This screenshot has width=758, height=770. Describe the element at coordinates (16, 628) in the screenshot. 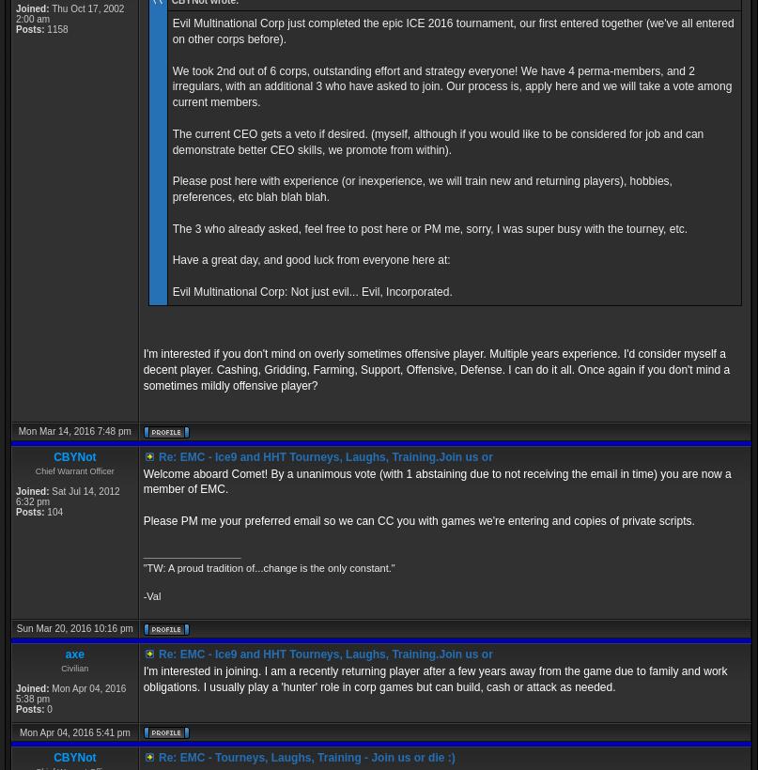

I see `'Sun Mar 20, 2016 10:16 pm'` at that location.